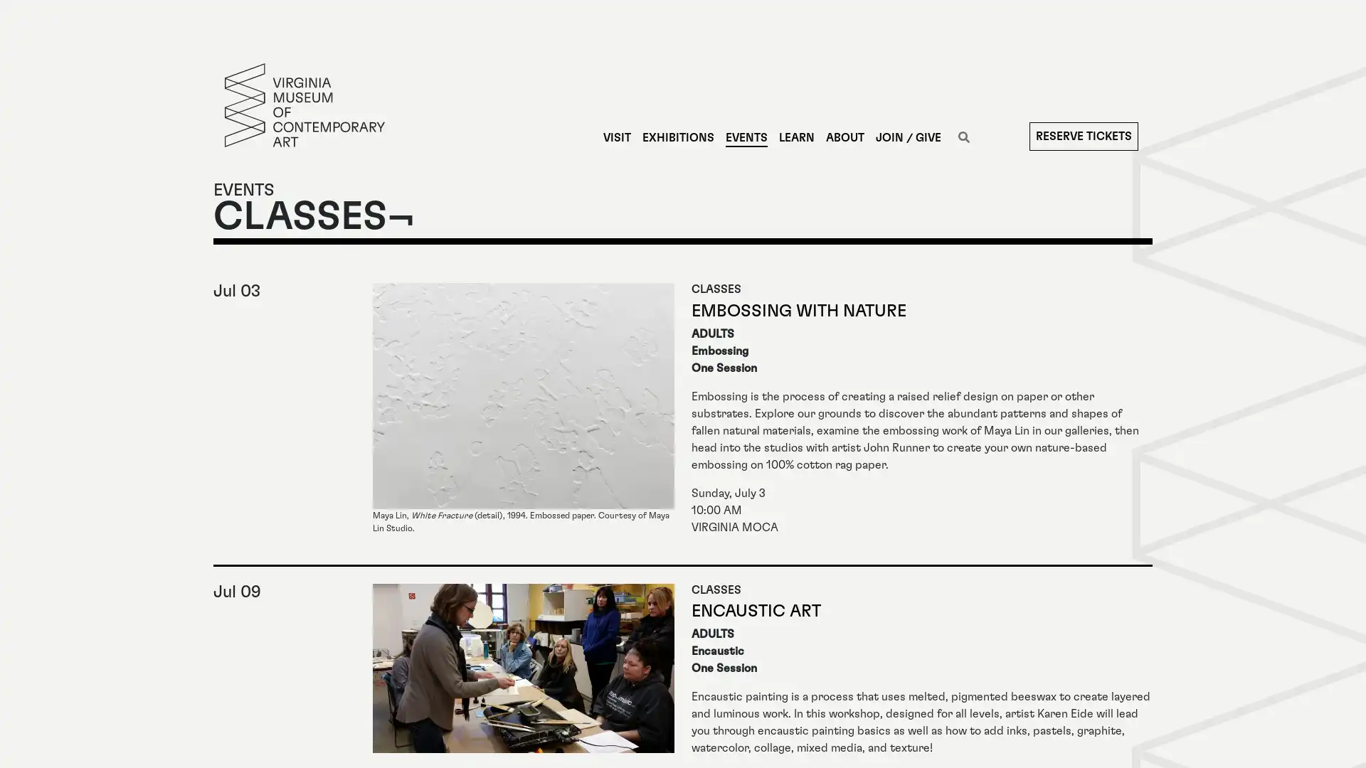 This screenshot has width=1366, height=768. What do you see at coordinates (745, 137) in the screenshot?
I see `EVENTS` at bounding box center [745, 137].